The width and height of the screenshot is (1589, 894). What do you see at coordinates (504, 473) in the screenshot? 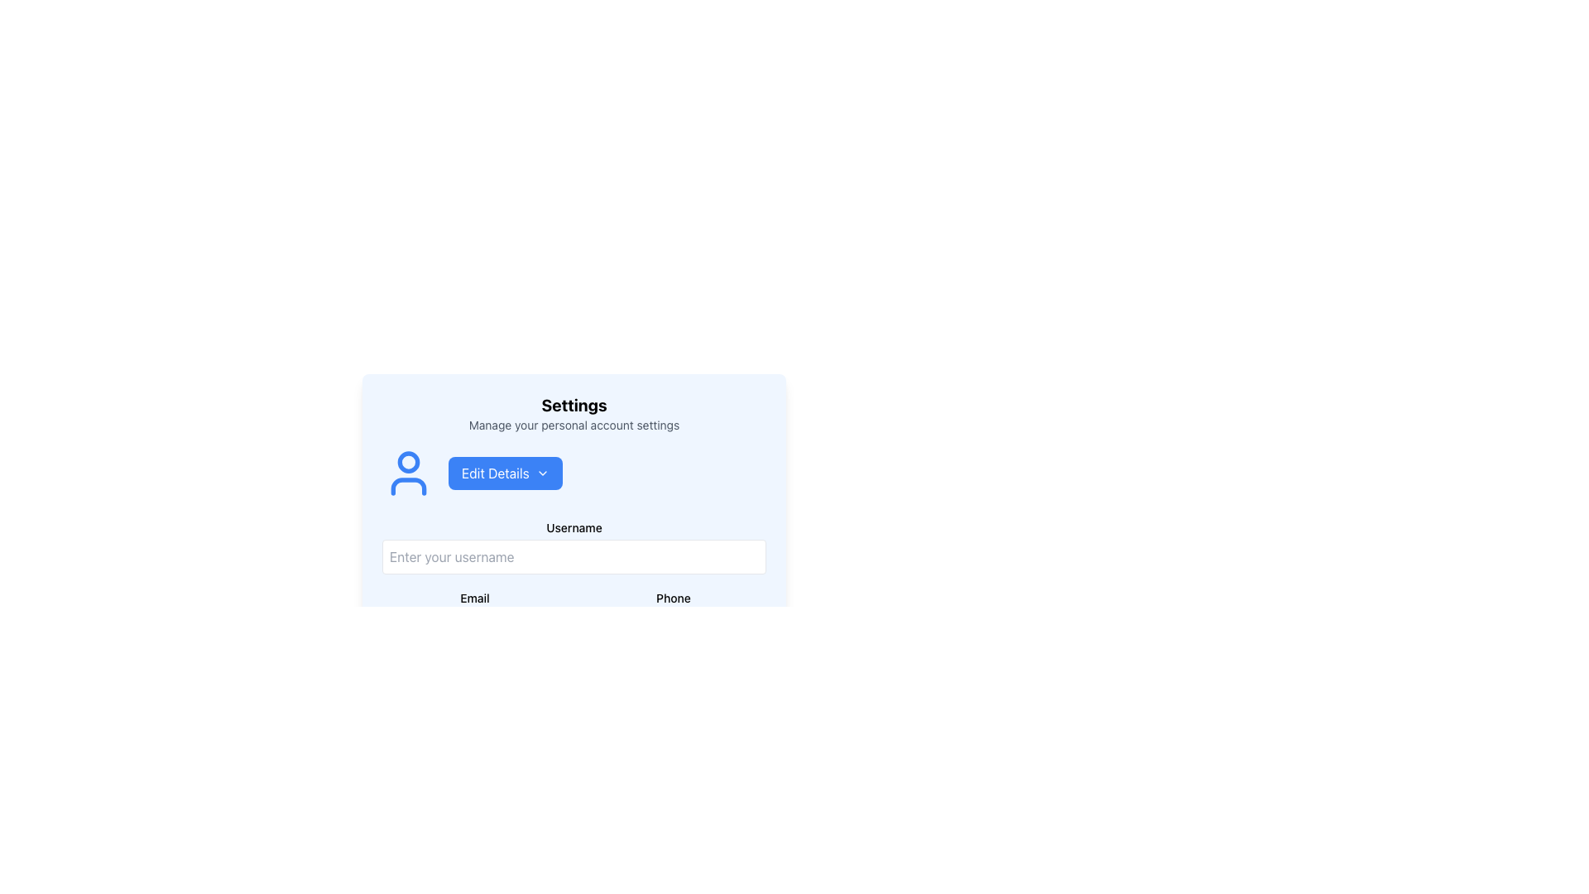
I see `the blue button labeled 'Edit Details' with a chevron icon` at bounding box center [504, 473].